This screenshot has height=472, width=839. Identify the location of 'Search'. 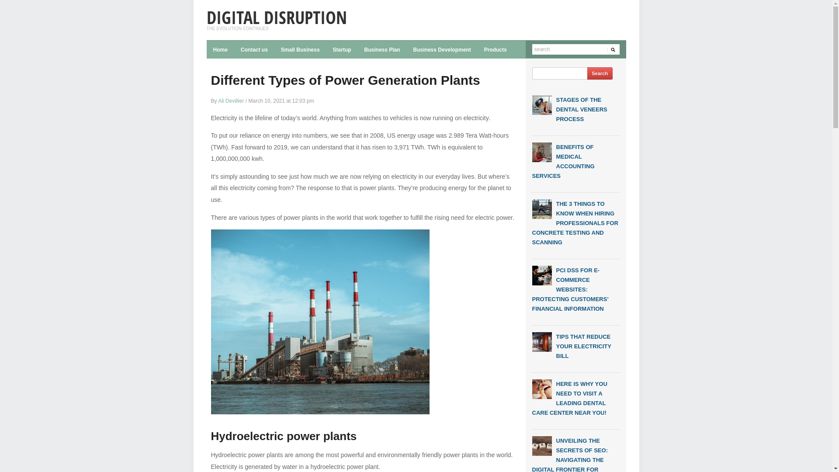
(600, 73).